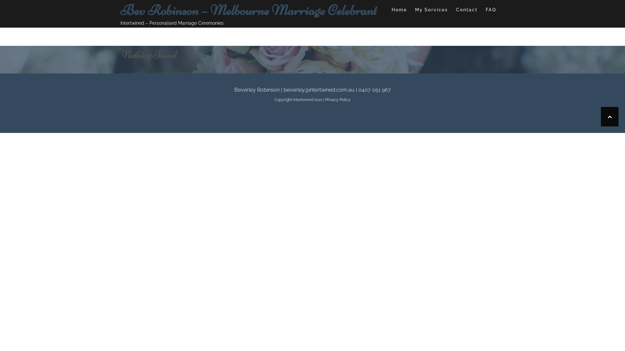  I want to click on 'My Services', so click(431, 11).